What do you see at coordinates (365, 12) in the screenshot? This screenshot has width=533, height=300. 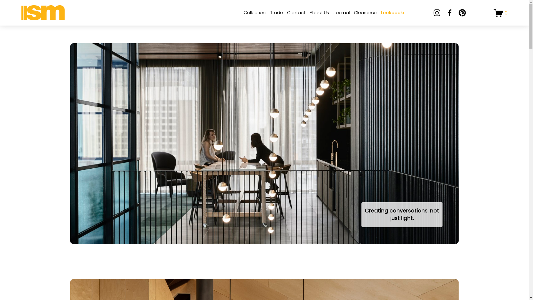 I see `'Clearance'` at bounding box center [365, 12].